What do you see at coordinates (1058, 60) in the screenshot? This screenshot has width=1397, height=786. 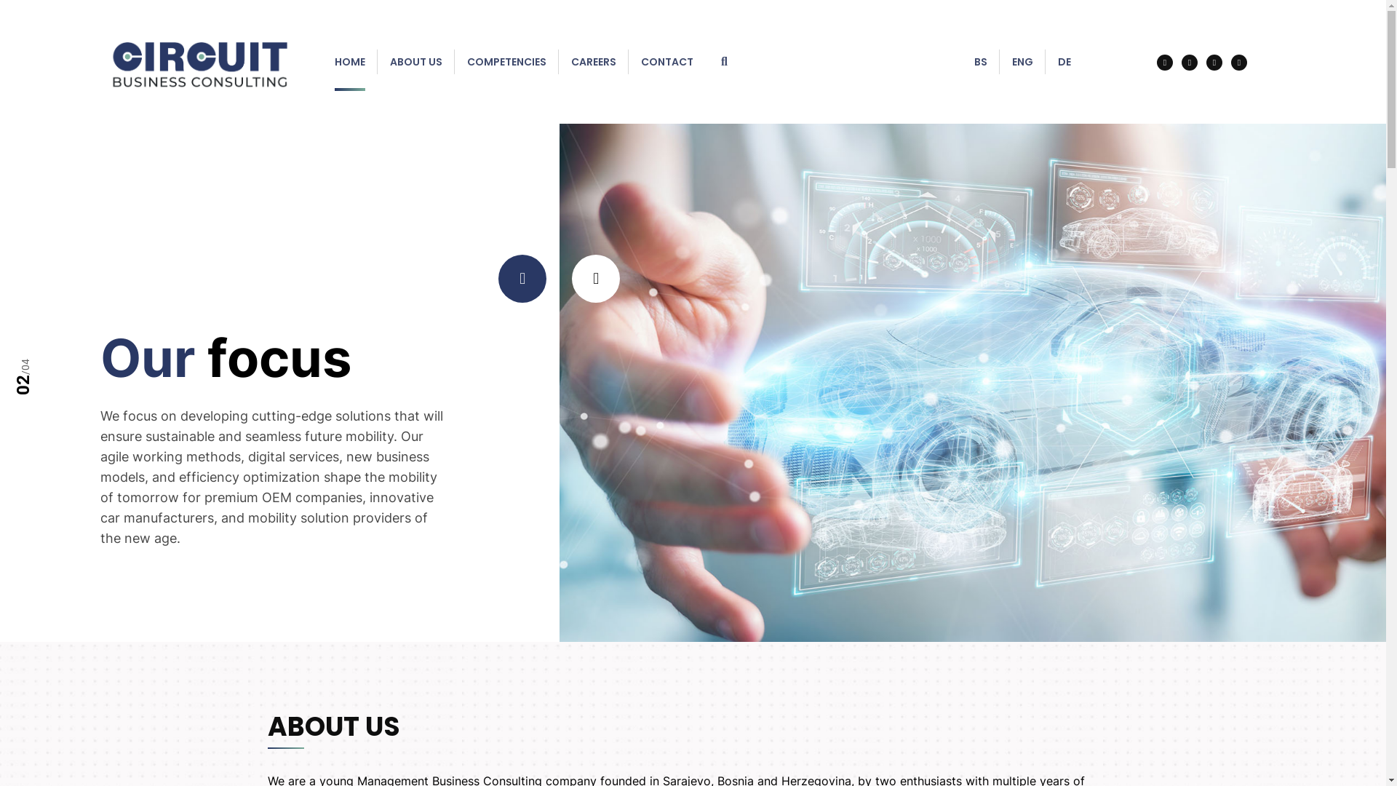 I see `'DE'` at bounding box center [1058, 60].